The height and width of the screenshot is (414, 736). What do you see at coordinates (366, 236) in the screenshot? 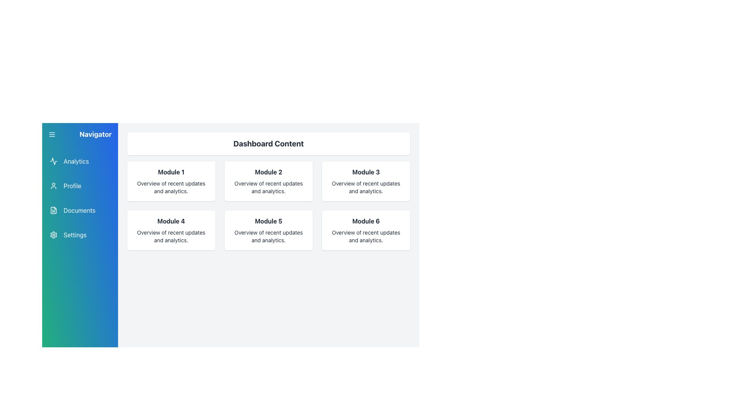
I see `information displayed in the Text Label located in the 'Module 6' card at the bottom-right of the grid` at bounding box center [366, 236].